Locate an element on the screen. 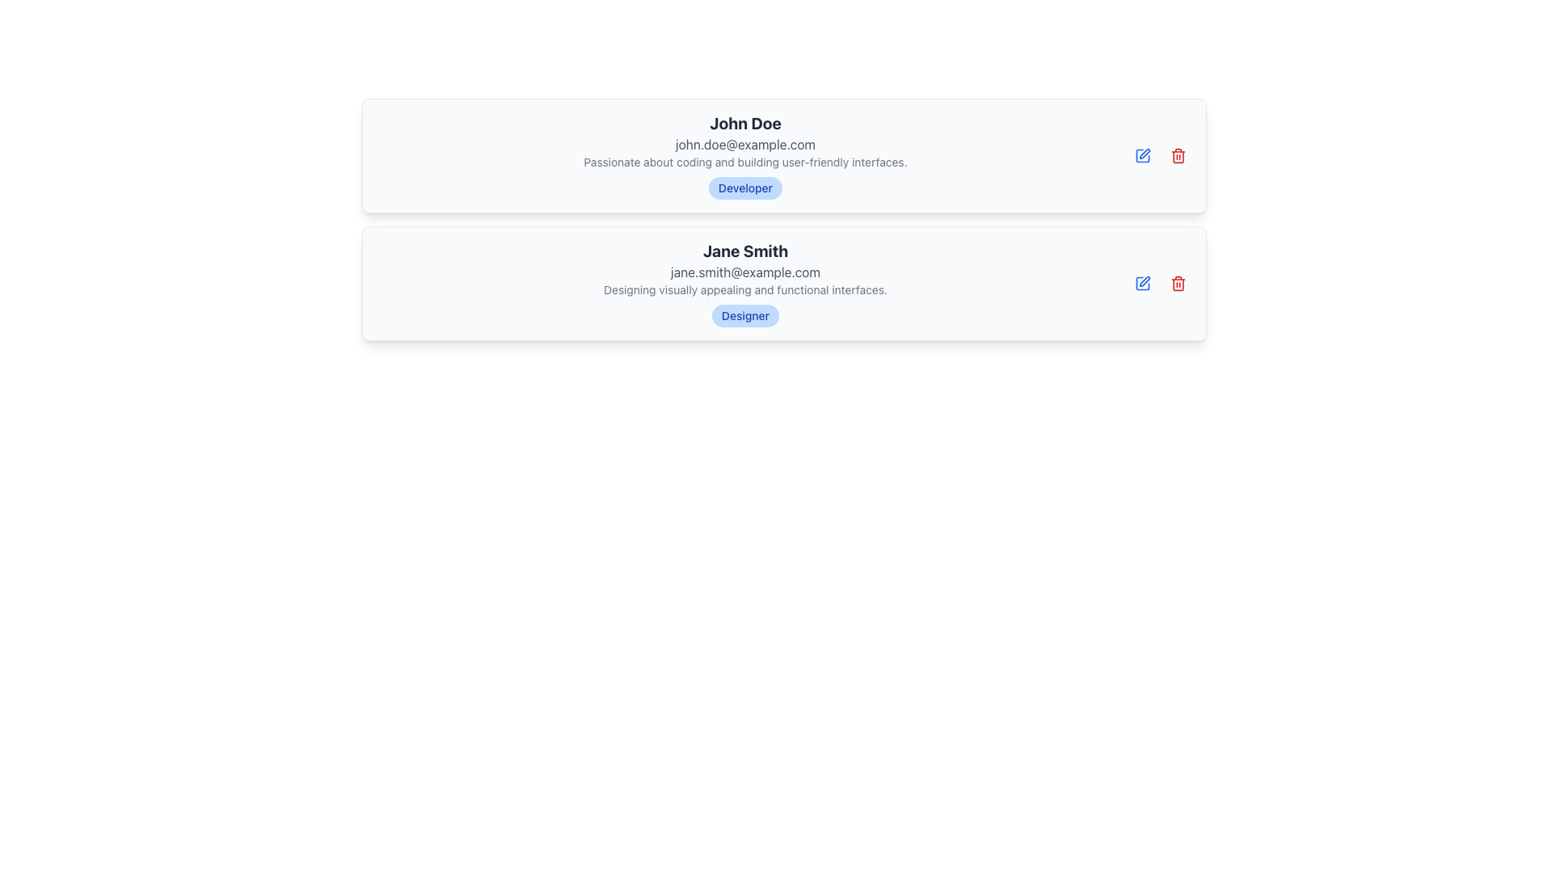 This screenshot has height=873, width=1552. the second button located to the top-right of the user entry for 'Jane Smith' is located at coordinates (1179, 283).